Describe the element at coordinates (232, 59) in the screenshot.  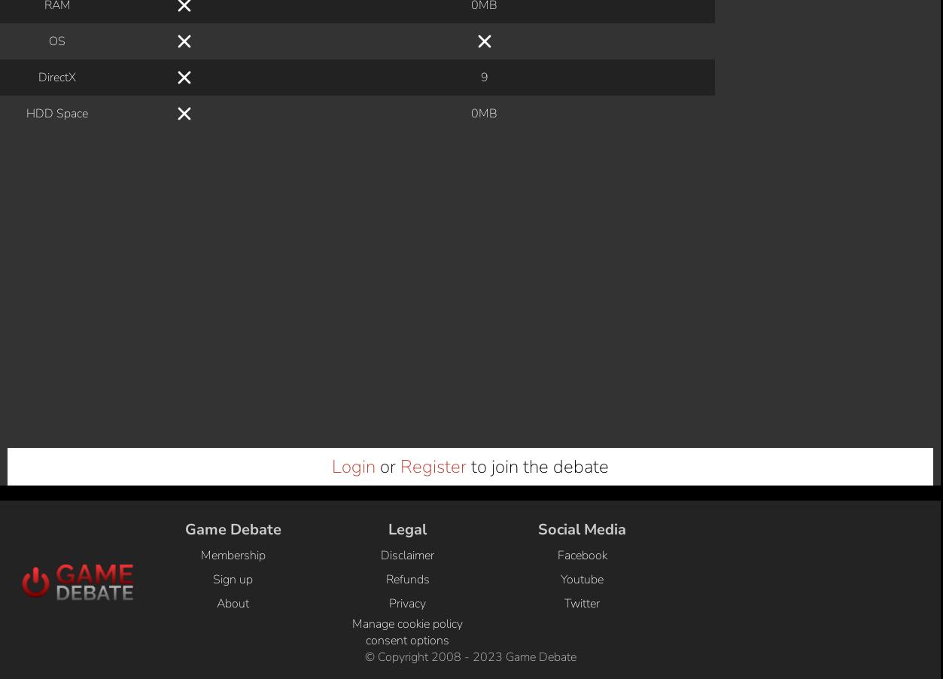
I see `'Sign up'` at that location.